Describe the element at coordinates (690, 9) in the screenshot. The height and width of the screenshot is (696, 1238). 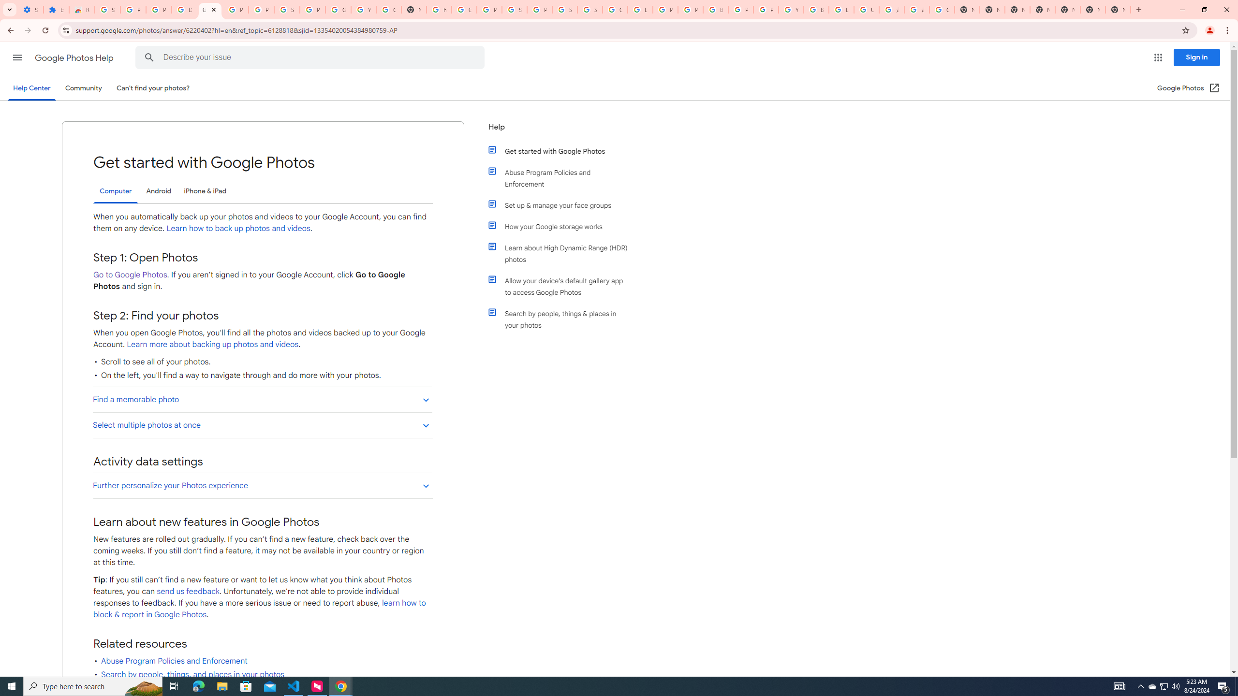
I see `'Privacy Help Center - Policies Help'` at that location.